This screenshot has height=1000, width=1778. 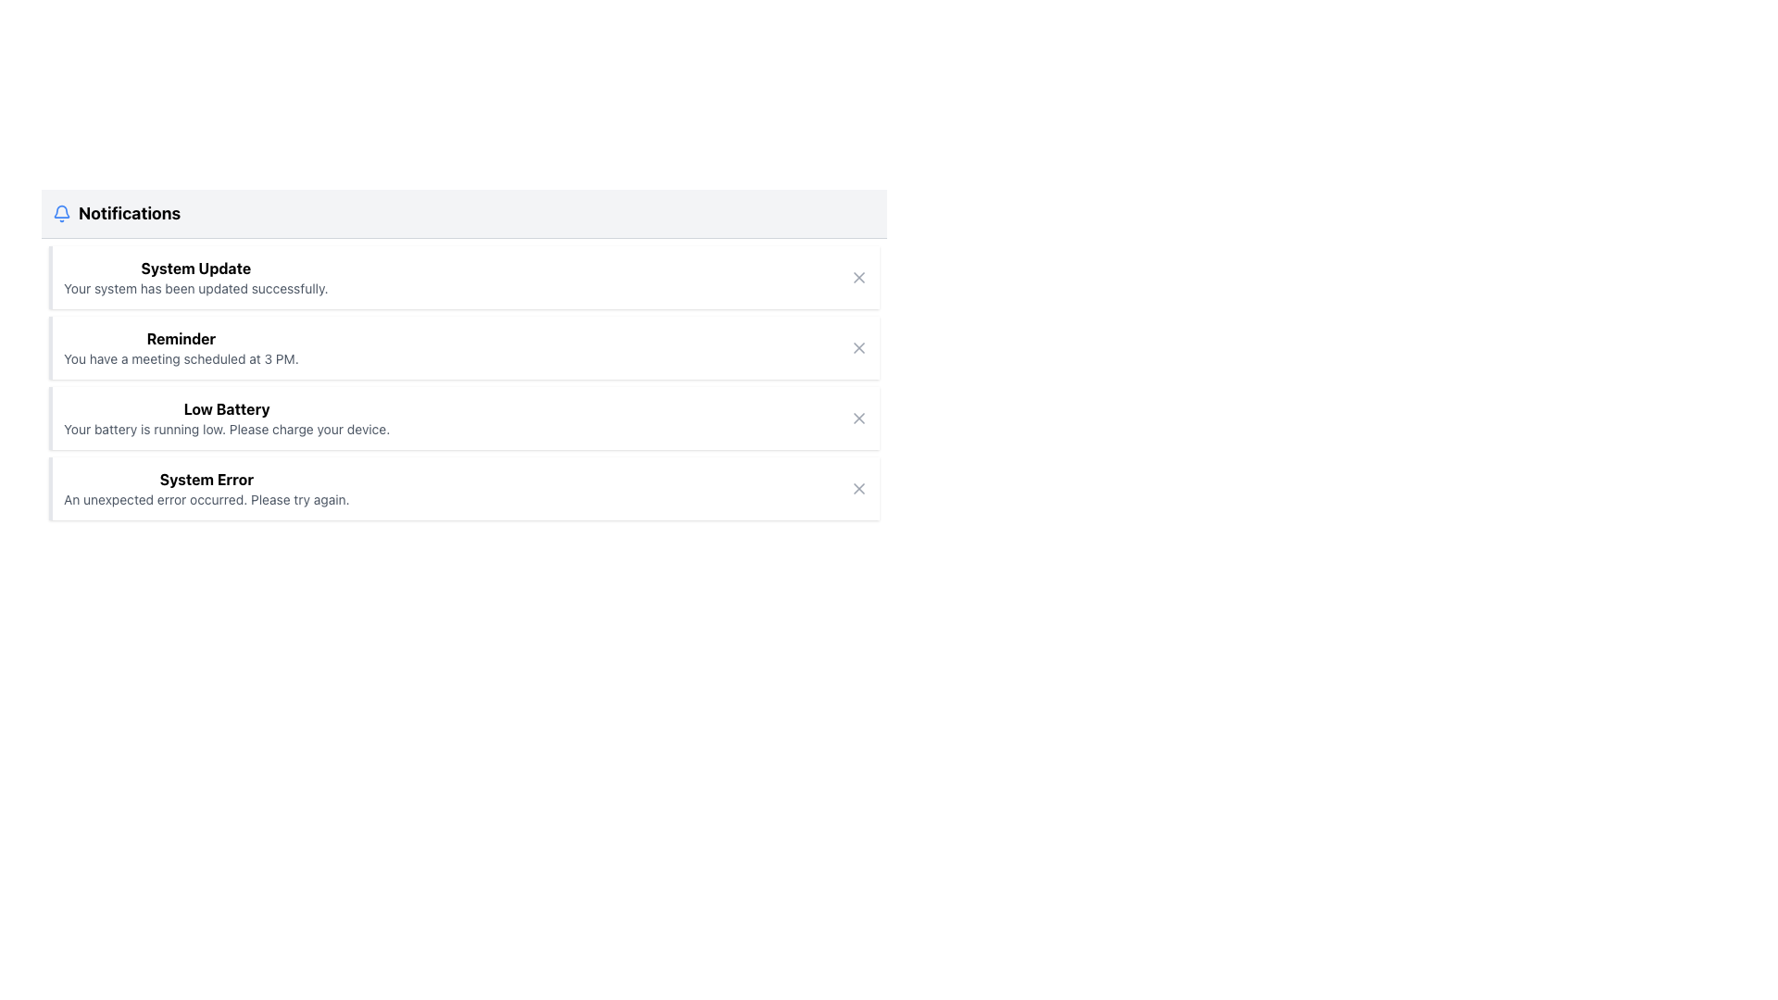 I want to click on the bold text element displaying 'System Error' within the notification box, so click(x=207, y=478).